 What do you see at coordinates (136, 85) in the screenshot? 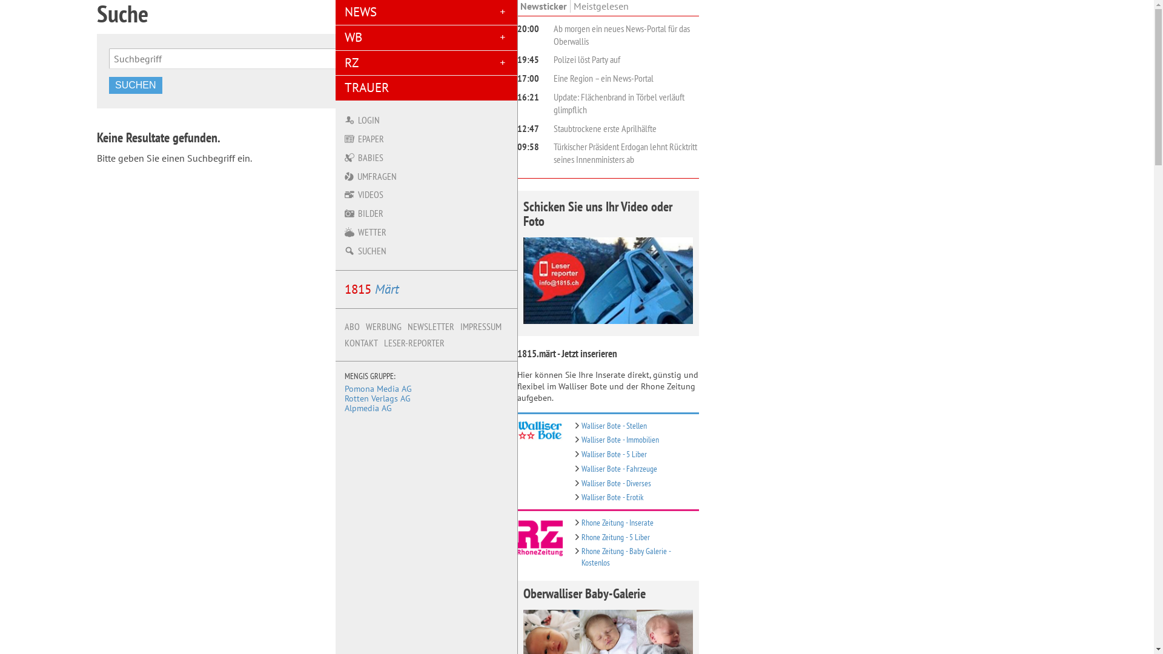
I see `'SUCHEN'` at bounding box center [136, 85].